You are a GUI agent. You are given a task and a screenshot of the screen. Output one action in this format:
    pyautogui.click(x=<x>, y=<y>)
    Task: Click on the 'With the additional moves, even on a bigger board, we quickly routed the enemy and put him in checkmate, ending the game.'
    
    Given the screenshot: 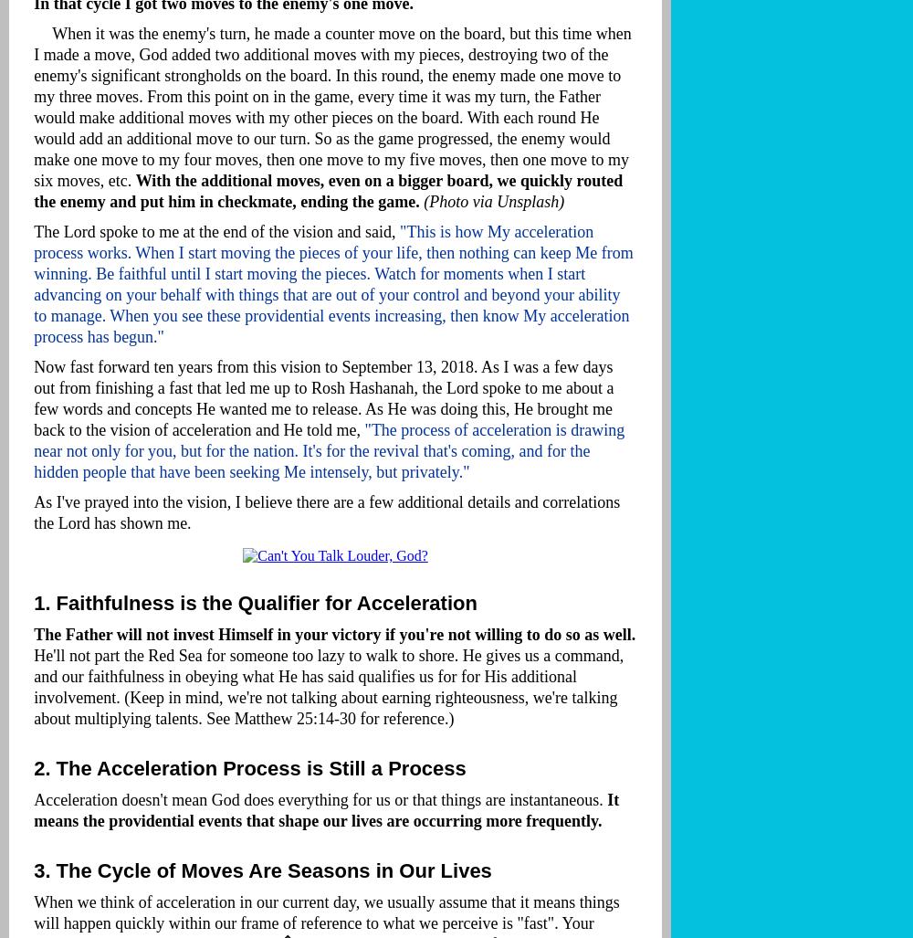 What is the action you would take?
    pyautogui.click(x=34, y=190)
    